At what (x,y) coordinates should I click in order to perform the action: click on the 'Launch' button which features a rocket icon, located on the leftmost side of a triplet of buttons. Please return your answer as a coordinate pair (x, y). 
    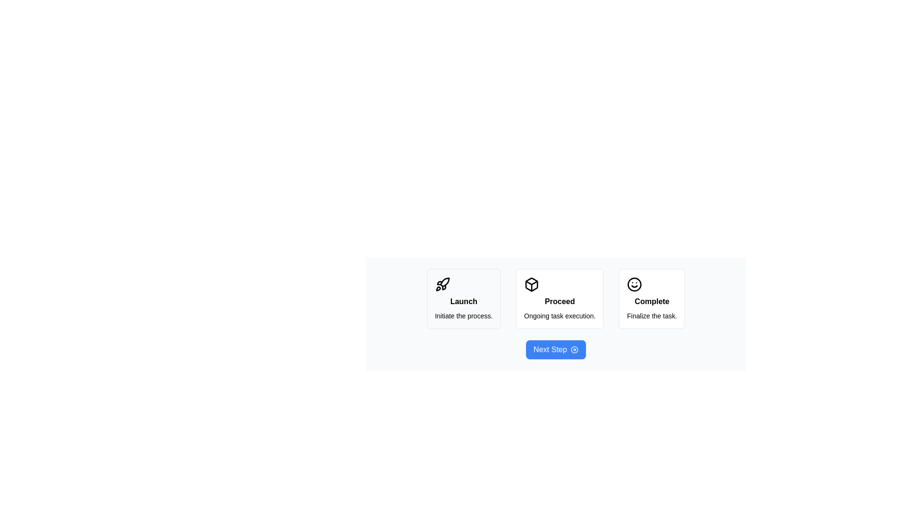
    Looking at the image, I should click on (442, 284).